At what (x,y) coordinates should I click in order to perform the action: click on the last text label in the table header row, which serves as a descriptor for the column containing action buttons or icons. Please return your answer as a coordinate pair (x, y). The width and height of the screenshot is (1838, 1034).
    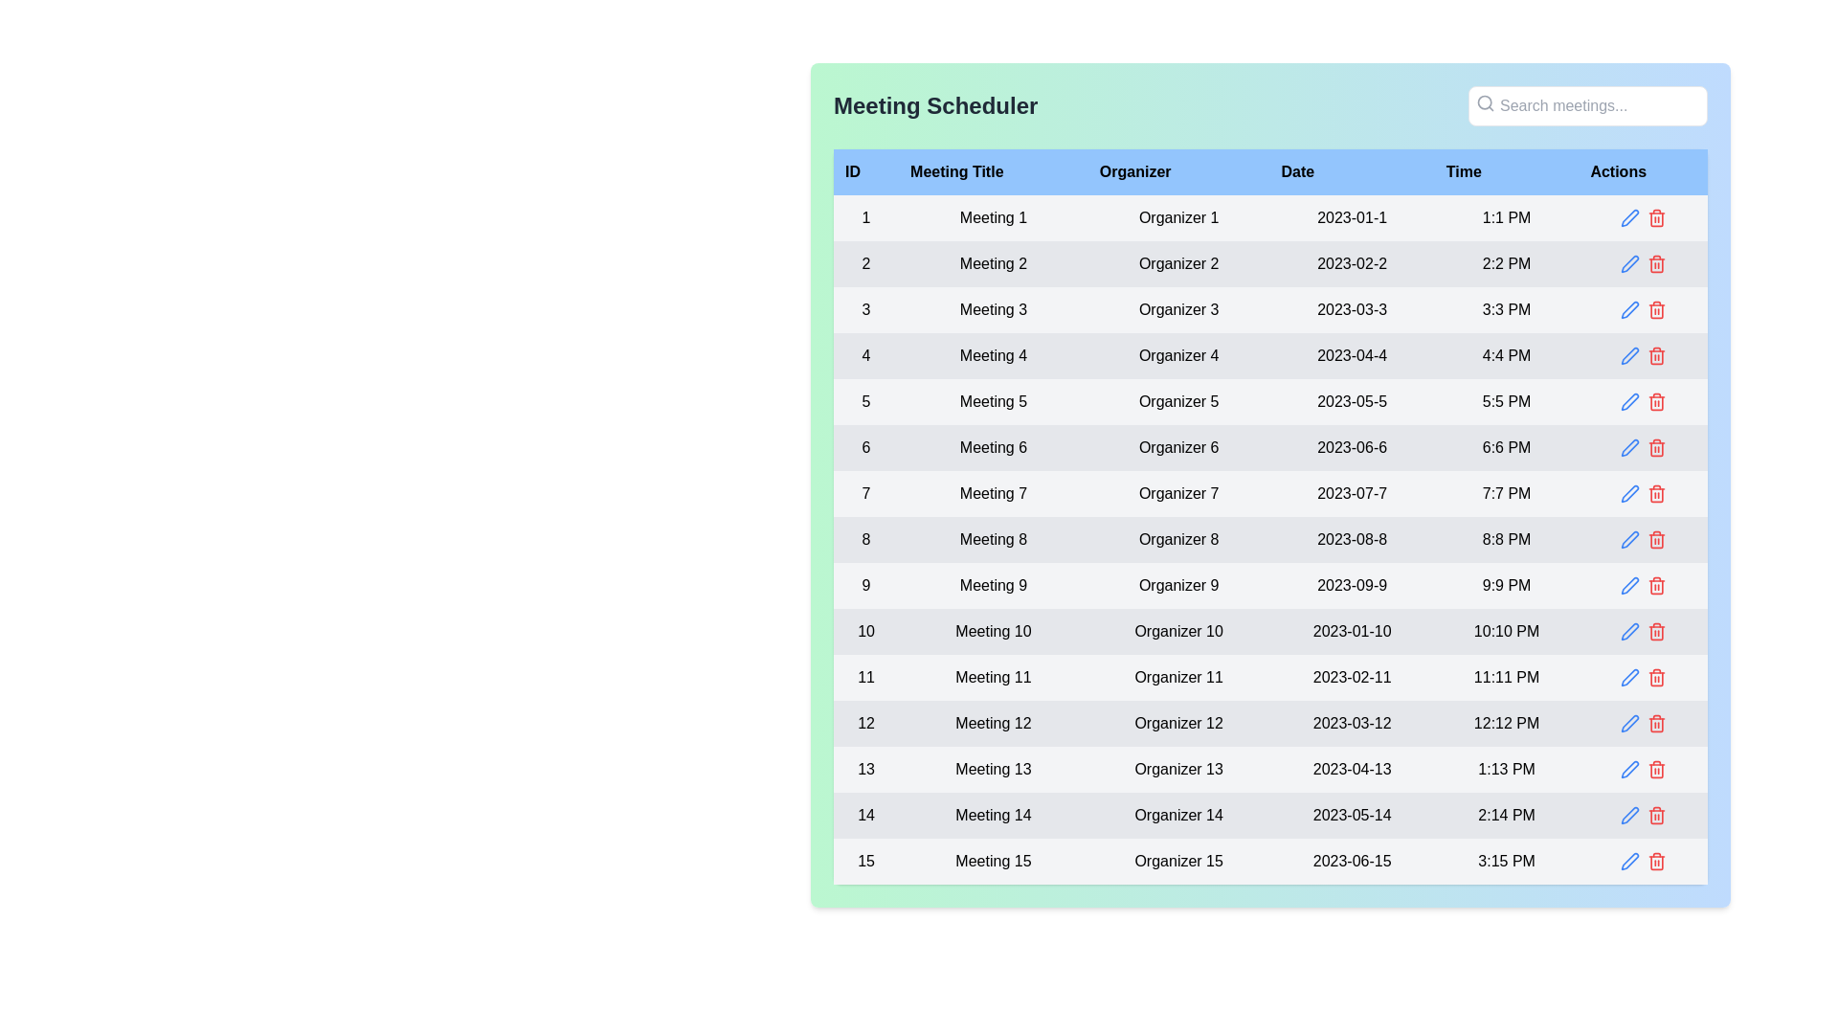
    Looking at the image, I should click on (1642, 172).